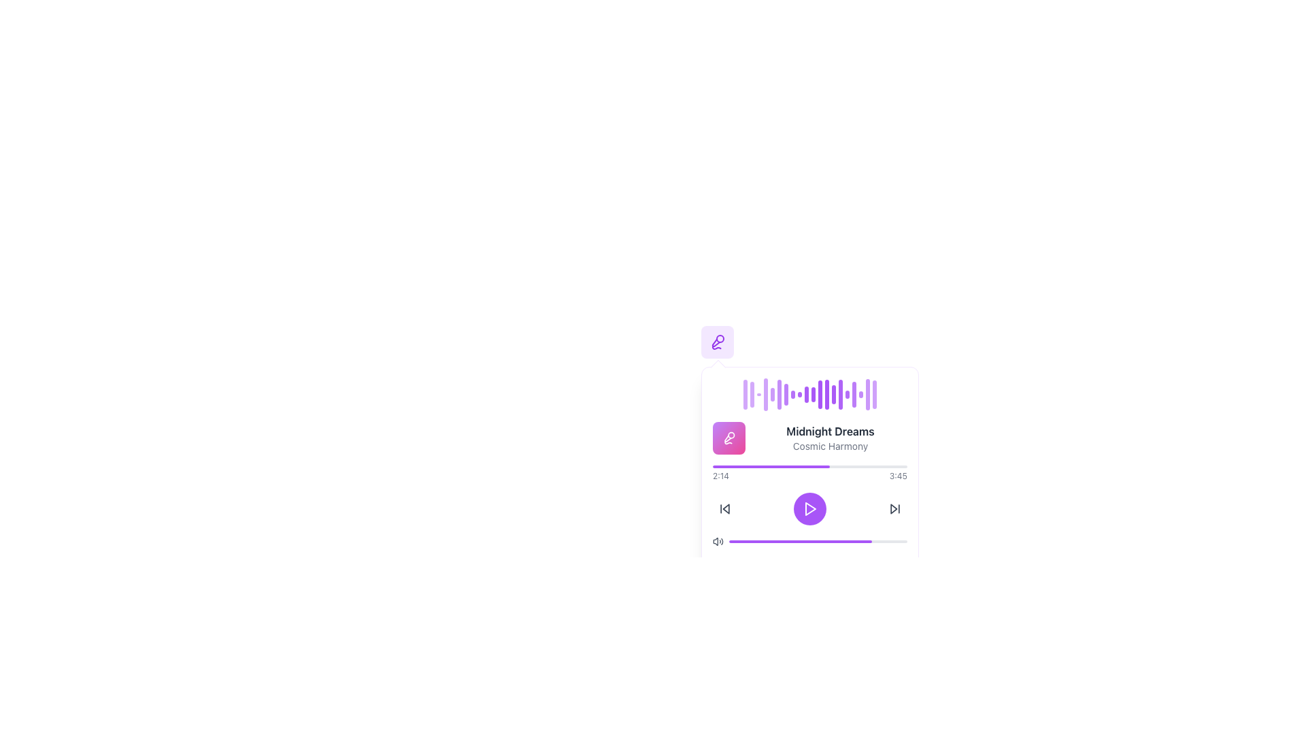 This screenshot has height=735, width=1306. Describe the element at coordinates (897, 540) in the screenshot. I see `the progress` at that location.